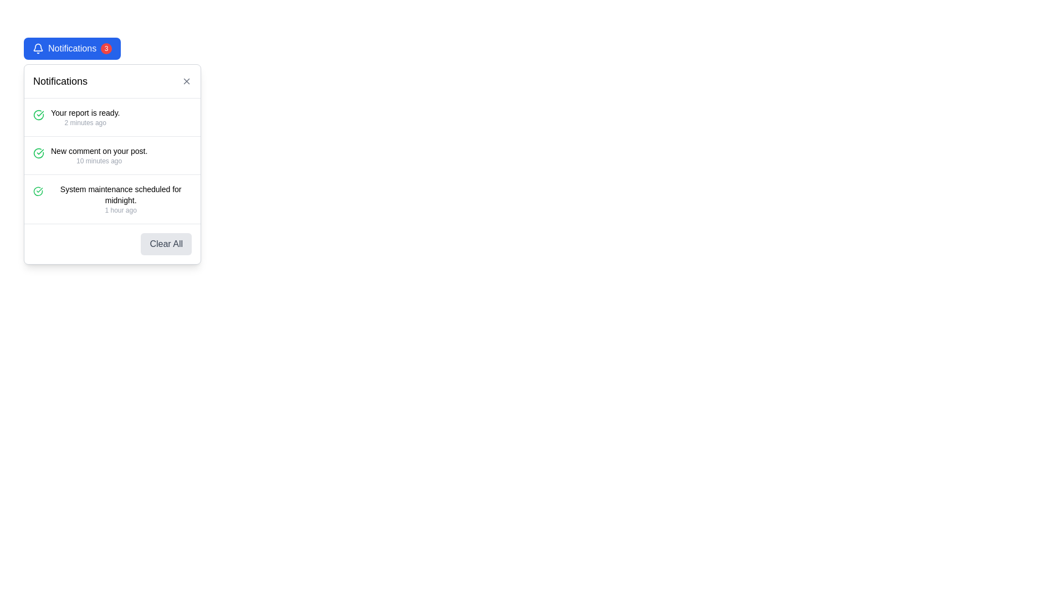  What do you see at coordinates (112, 155) in the screenshot?
I see `the notification that informs the user about a new comment on their post, which is the second notification in the list within the notification panel` at bounding box center [112, 155].